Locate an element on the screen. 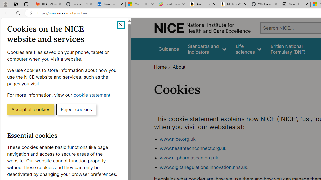 Image resolution: width=321 pixels, height=180 pixels. 'Close cookie banner' is located at coordinates (120, 25).